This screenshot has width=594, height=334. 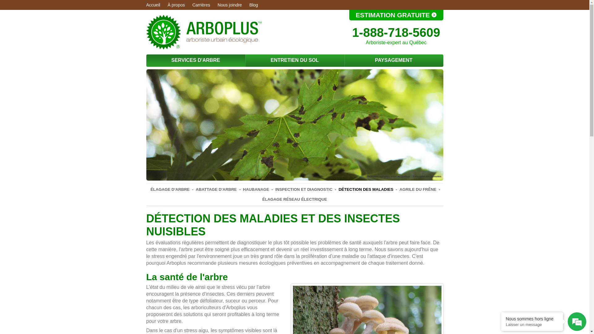 What do you see at coordinates (304, 189) in the screenshot?
I see `'INSPECTION ET DIAGNOSTIC'` at bounding box center [304, 189].